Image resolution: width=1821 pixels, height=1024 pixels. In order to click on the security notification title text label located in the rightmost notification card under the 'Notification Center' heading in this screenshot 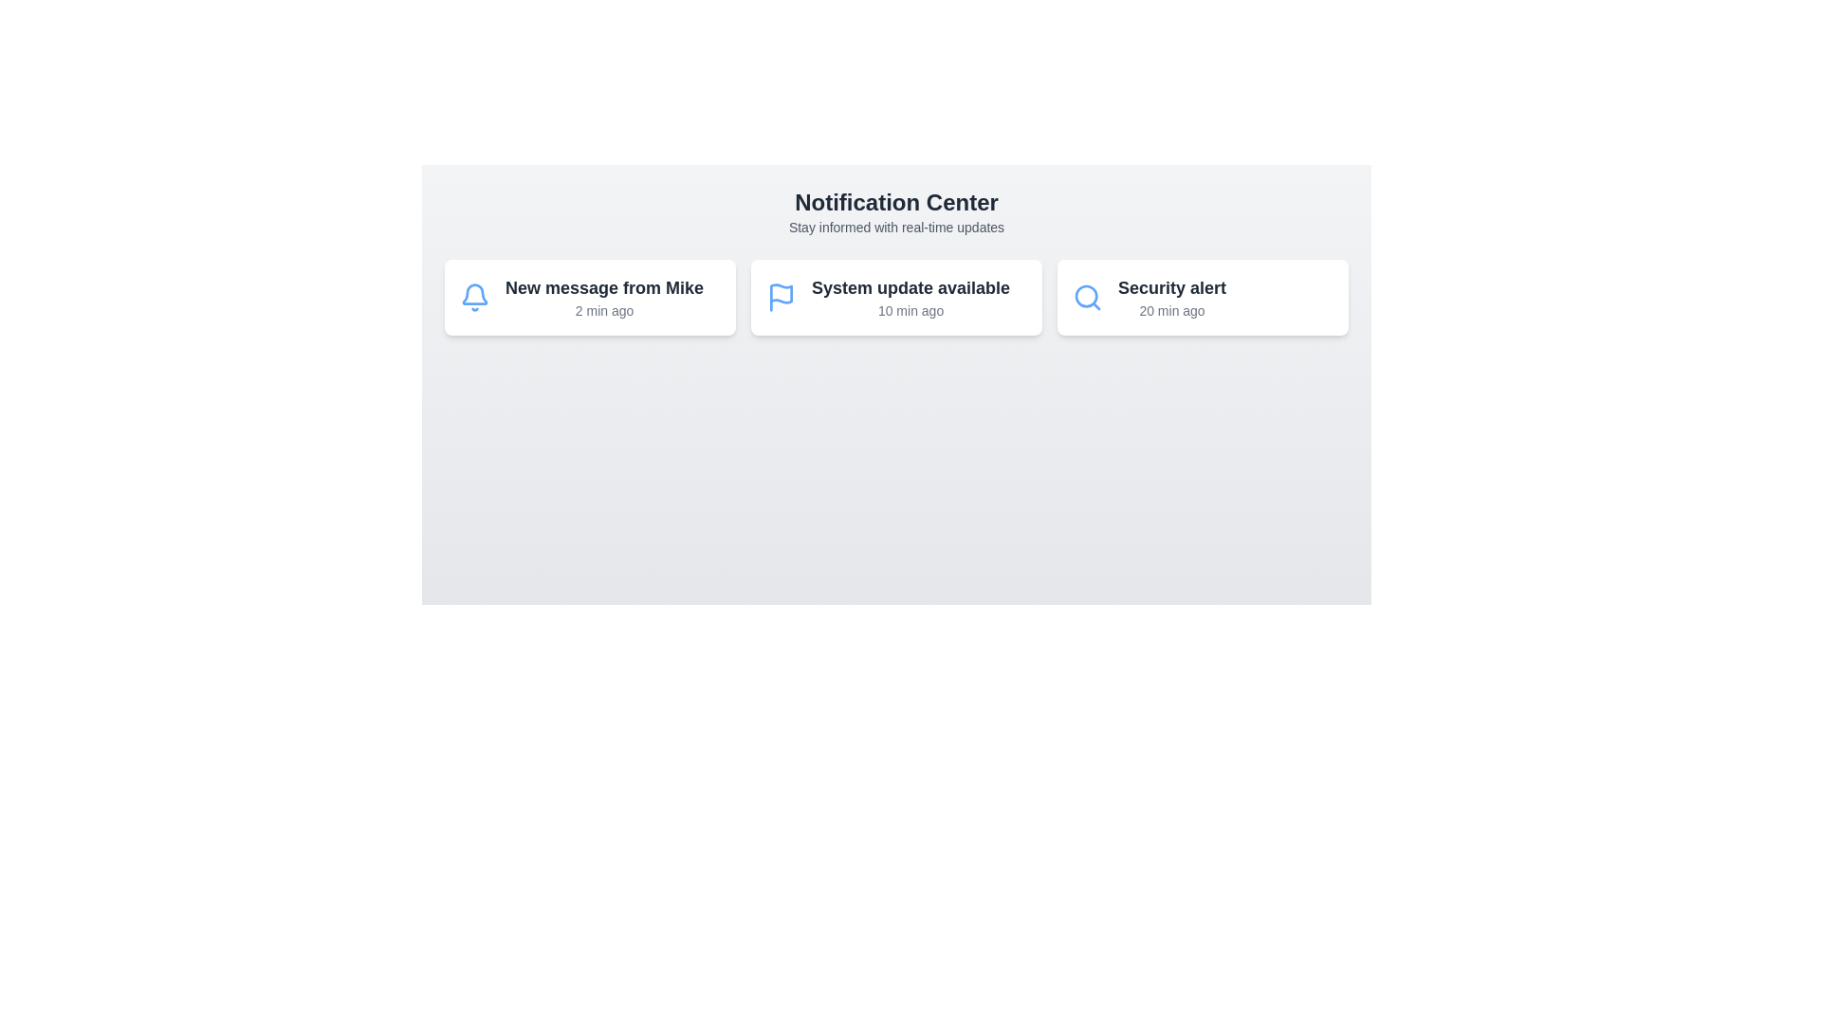, I will do `click(1171, 288)`.